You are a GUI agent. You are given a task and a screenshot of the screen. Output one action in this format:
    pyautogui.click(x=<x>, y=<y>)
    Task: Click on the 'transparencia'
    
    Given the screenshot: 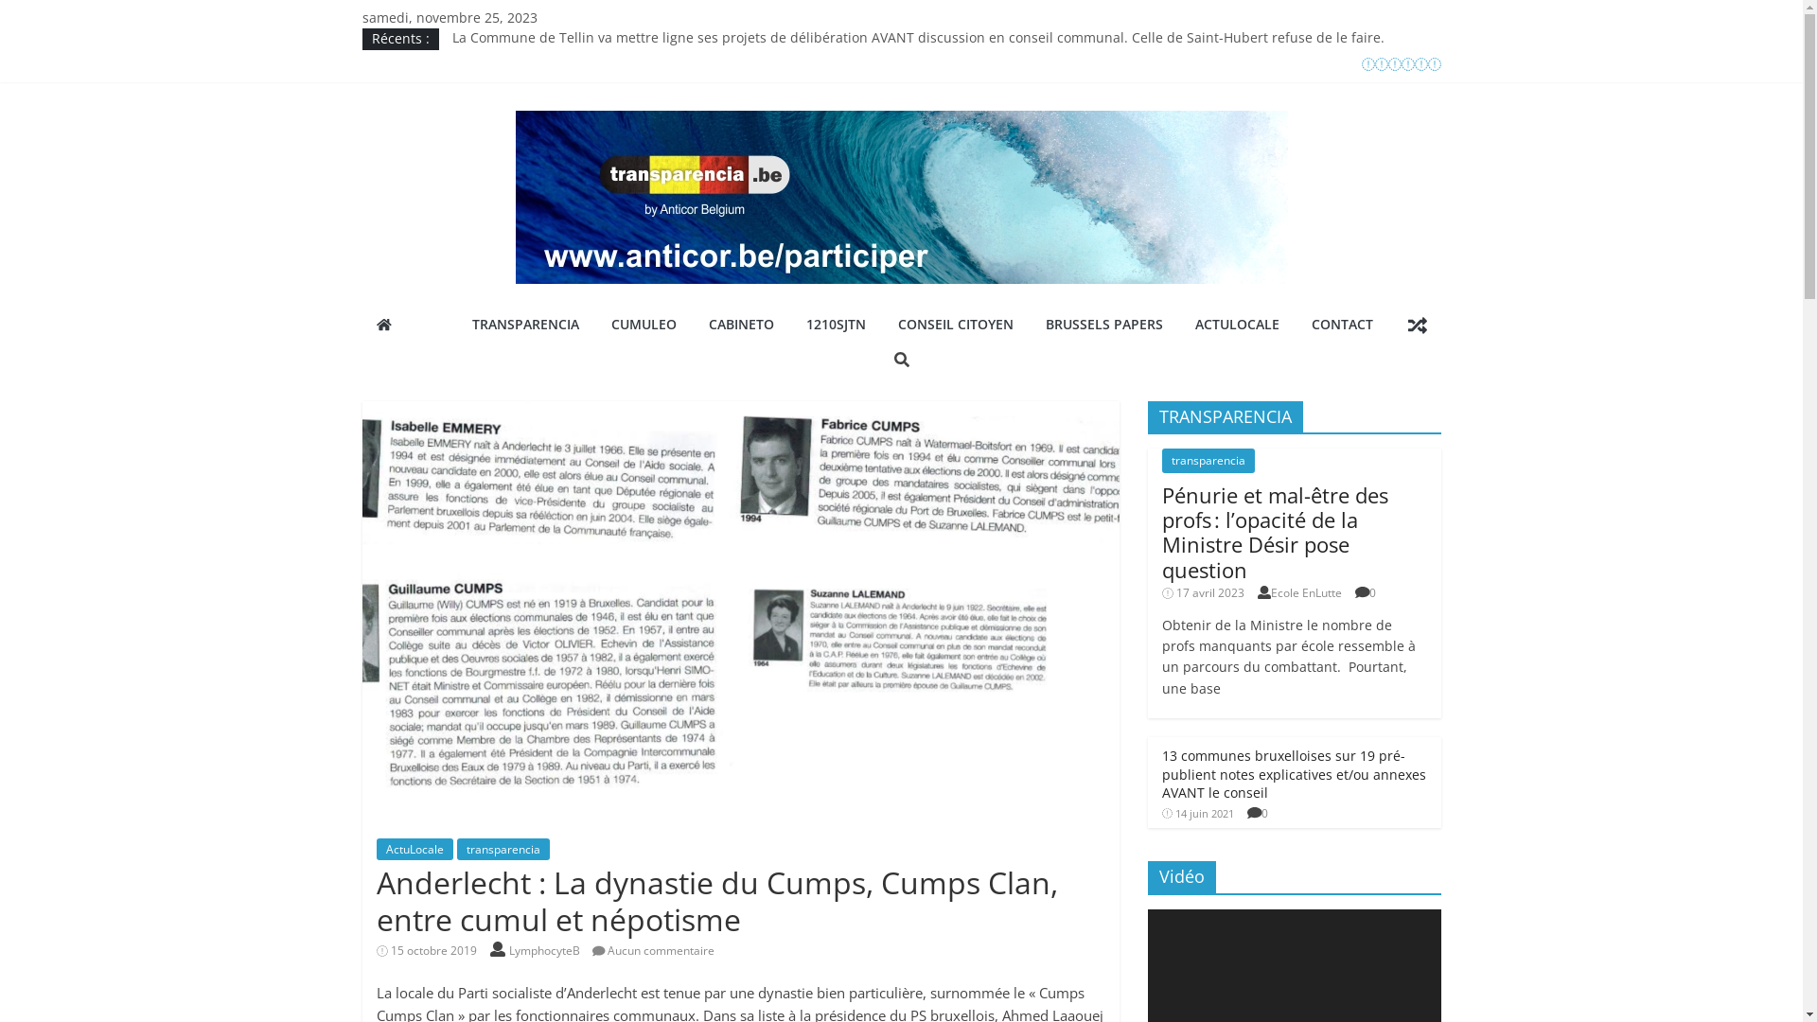 What is the action you would take?
    pyautogui.click(x=1207, y=460)
    